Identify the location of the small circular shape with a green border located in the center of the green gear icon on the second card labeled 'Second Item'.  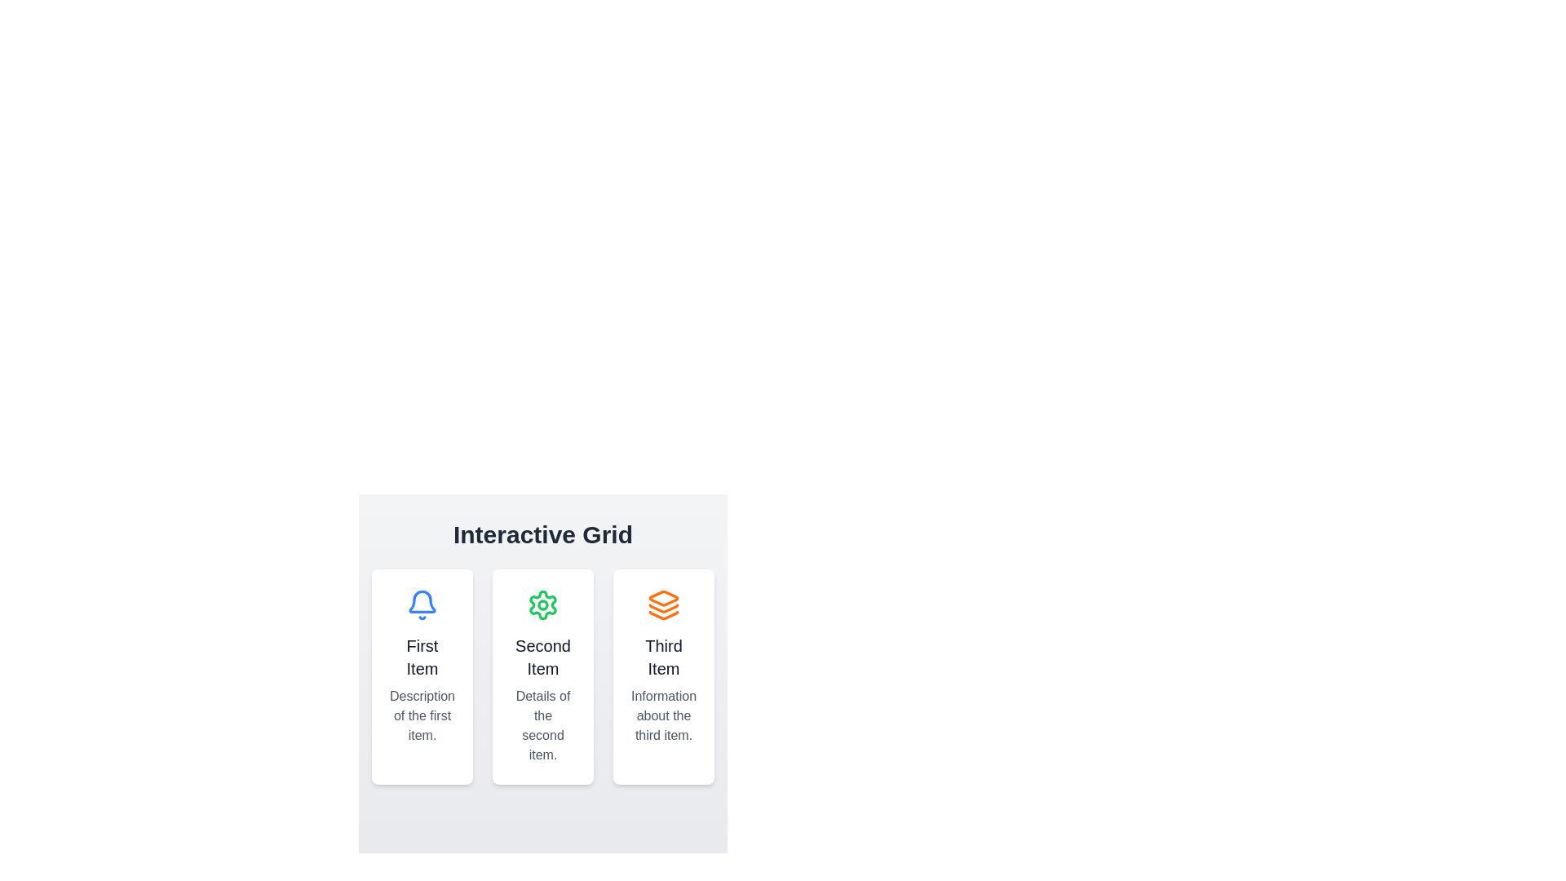
(543, 604).